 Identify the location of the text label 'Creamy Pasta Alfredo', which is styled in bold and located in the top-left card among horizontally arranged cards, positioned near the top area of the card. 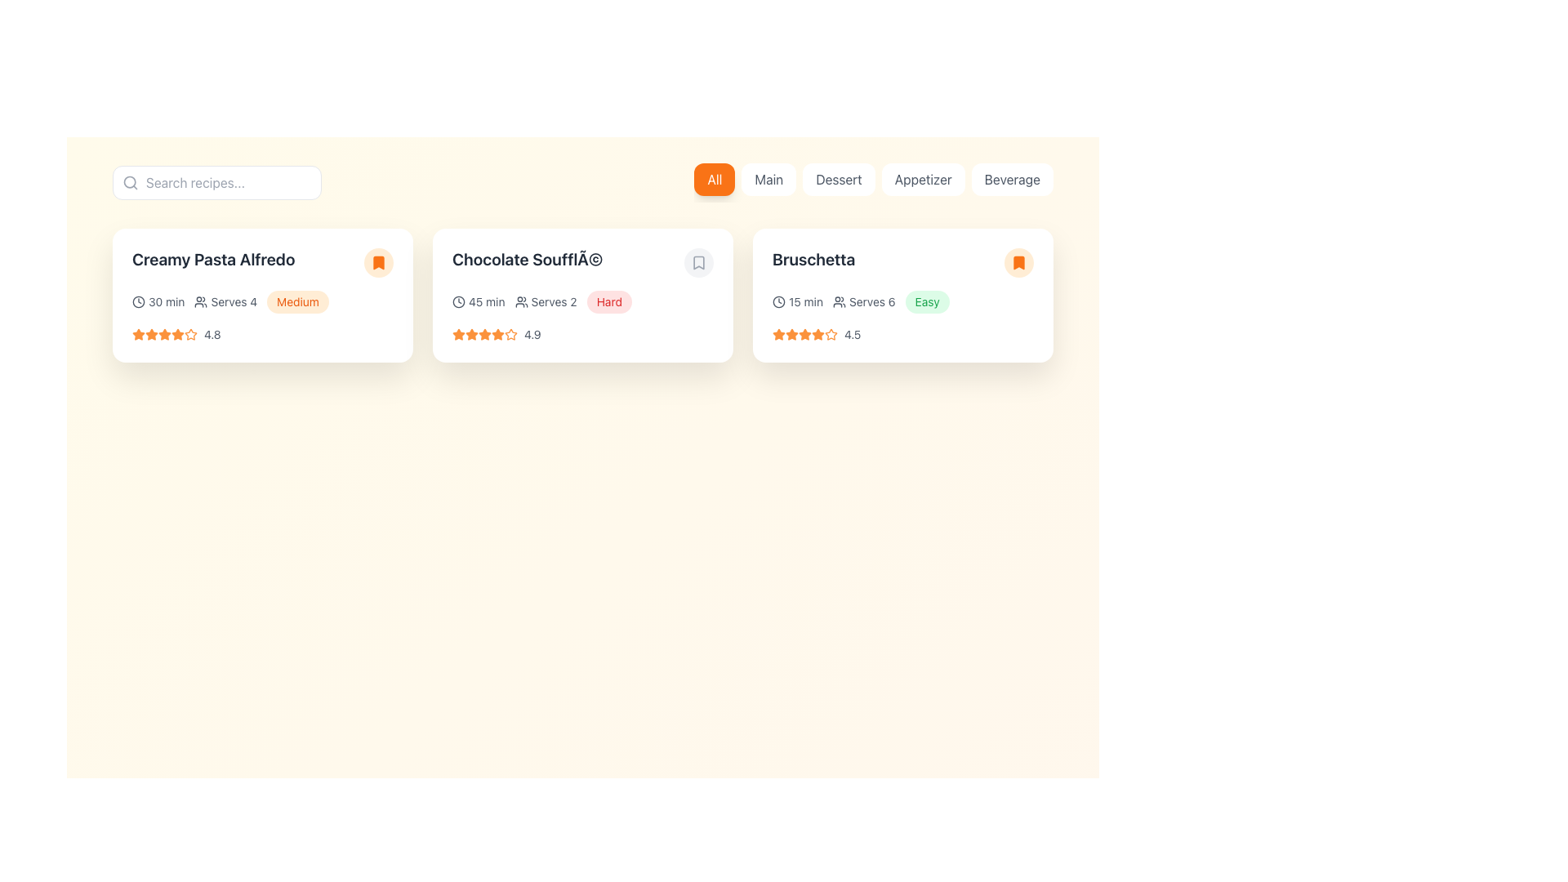
(262, 261).